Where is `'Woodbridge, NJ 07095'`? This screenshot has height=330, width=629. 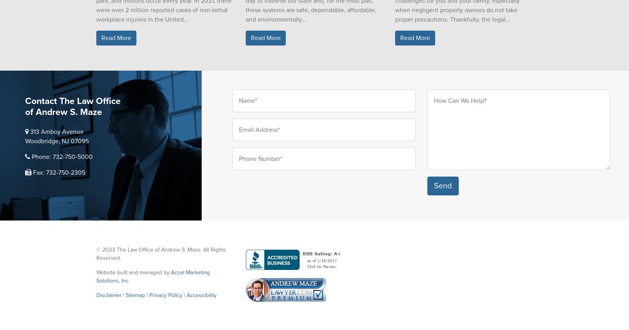
'Woodbridge, NJ 07095' is located at coordinates (56, 141).